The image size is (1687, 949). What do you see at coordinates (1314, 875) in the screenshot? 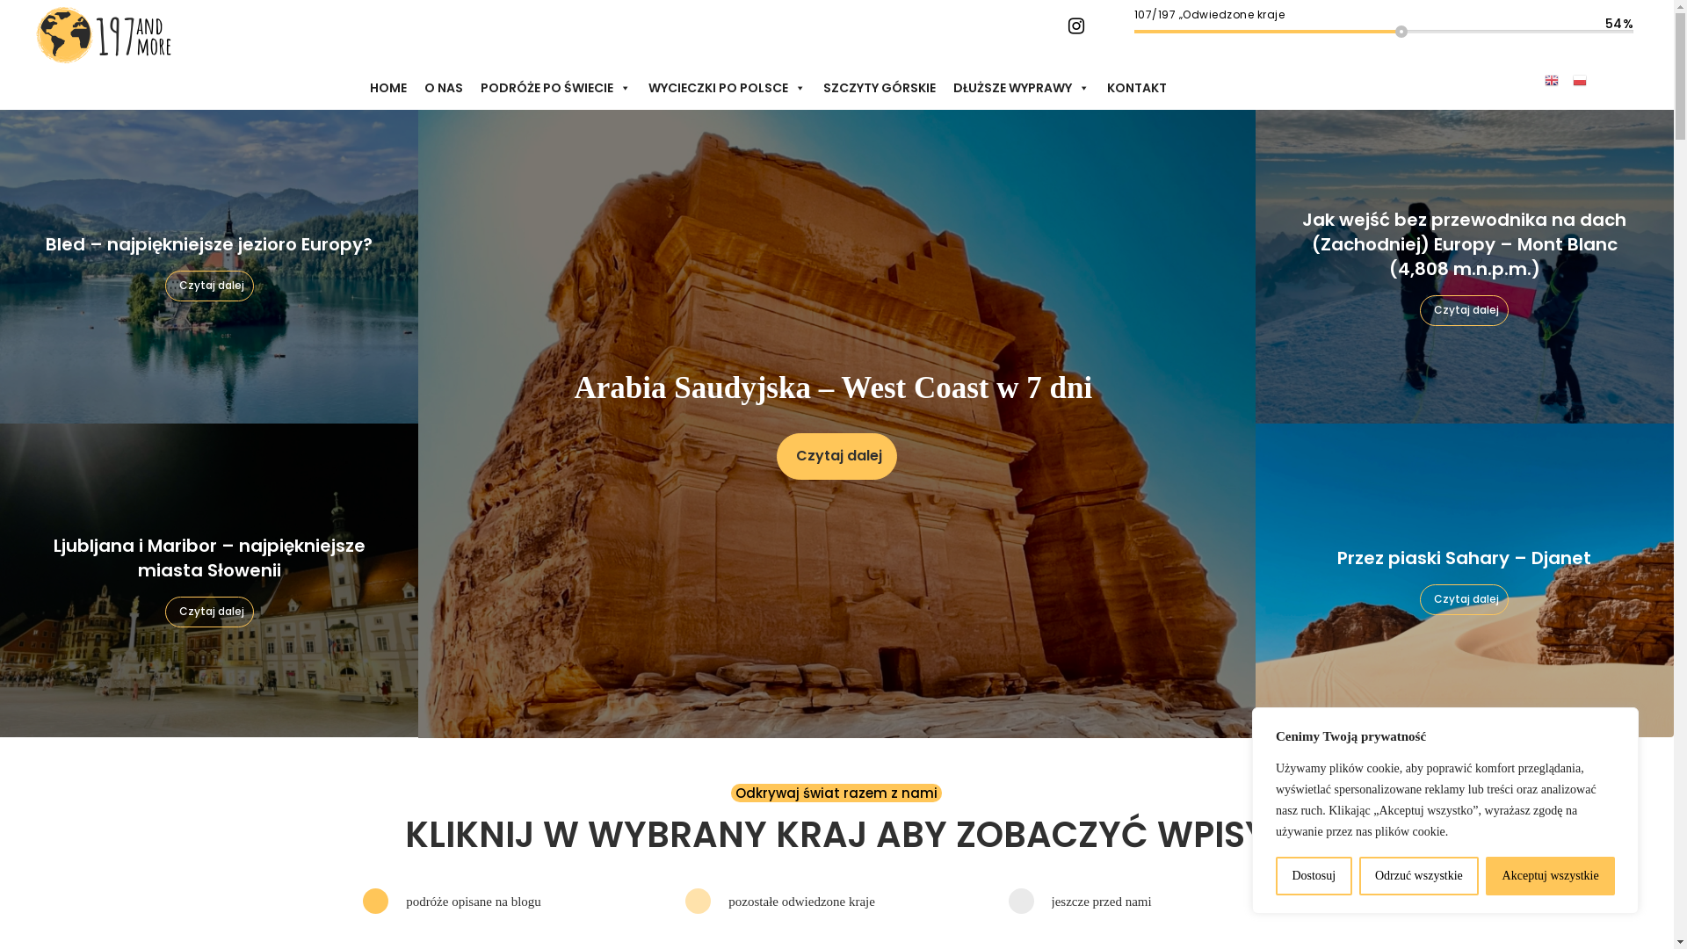
I see `'Dostosuj'` at bounding box center [1314, 875].